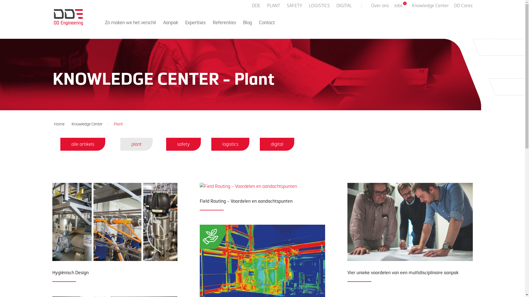 The image size is (529, 297). Describe the element at coordinates (170, 27) in the screenshot. I see `'Aanpak'` at that location.